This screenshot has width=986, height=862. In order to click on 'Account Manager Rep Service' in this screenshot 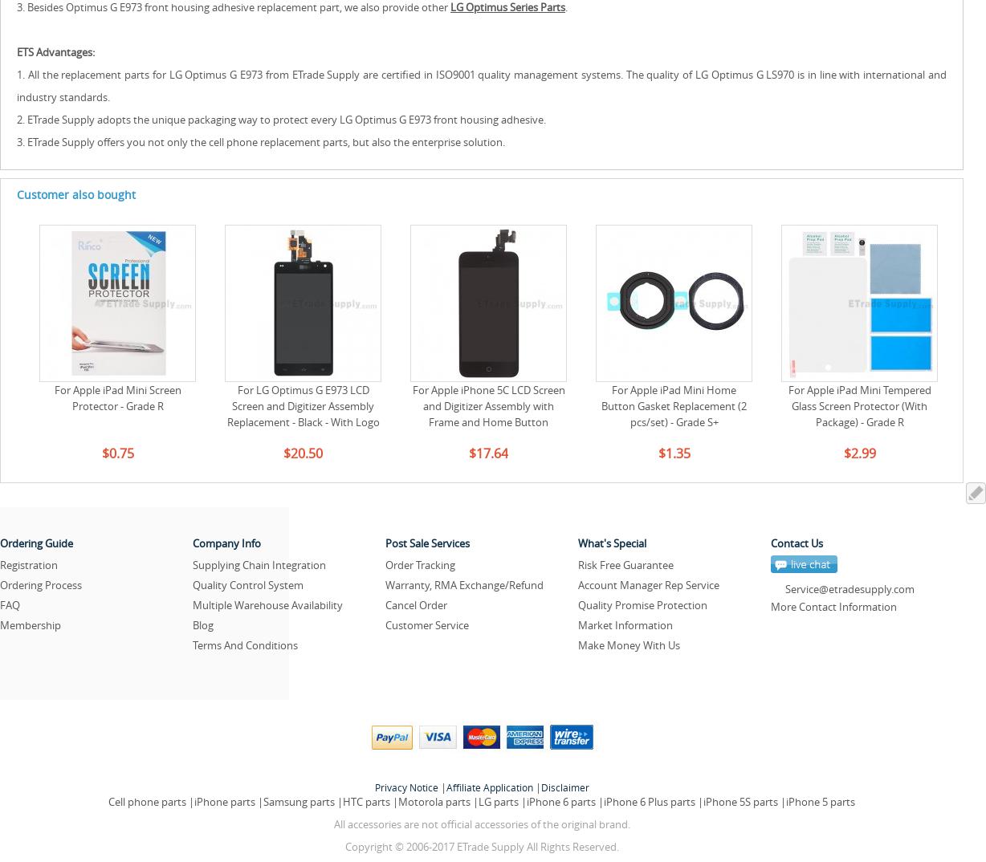, I will do `click(577, 585)`.